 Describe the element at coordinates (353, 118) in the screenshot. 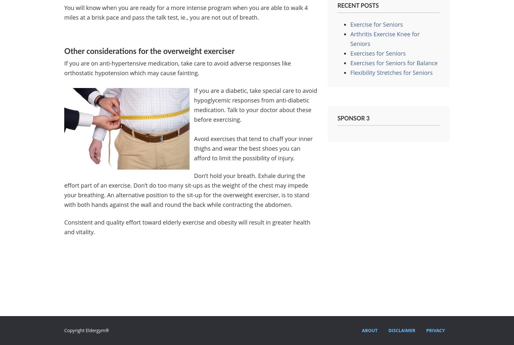

I see `'Sponsor 3'` at that location.